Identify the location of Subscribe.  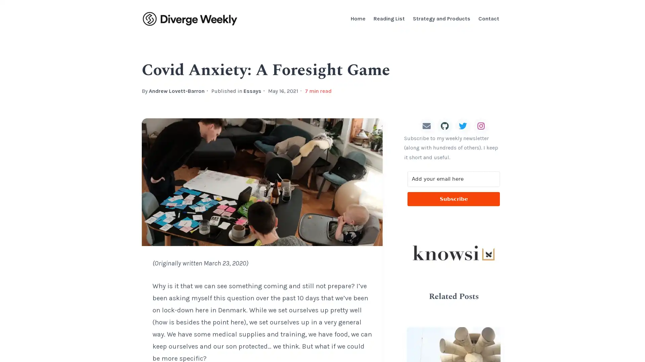
(454, 199).